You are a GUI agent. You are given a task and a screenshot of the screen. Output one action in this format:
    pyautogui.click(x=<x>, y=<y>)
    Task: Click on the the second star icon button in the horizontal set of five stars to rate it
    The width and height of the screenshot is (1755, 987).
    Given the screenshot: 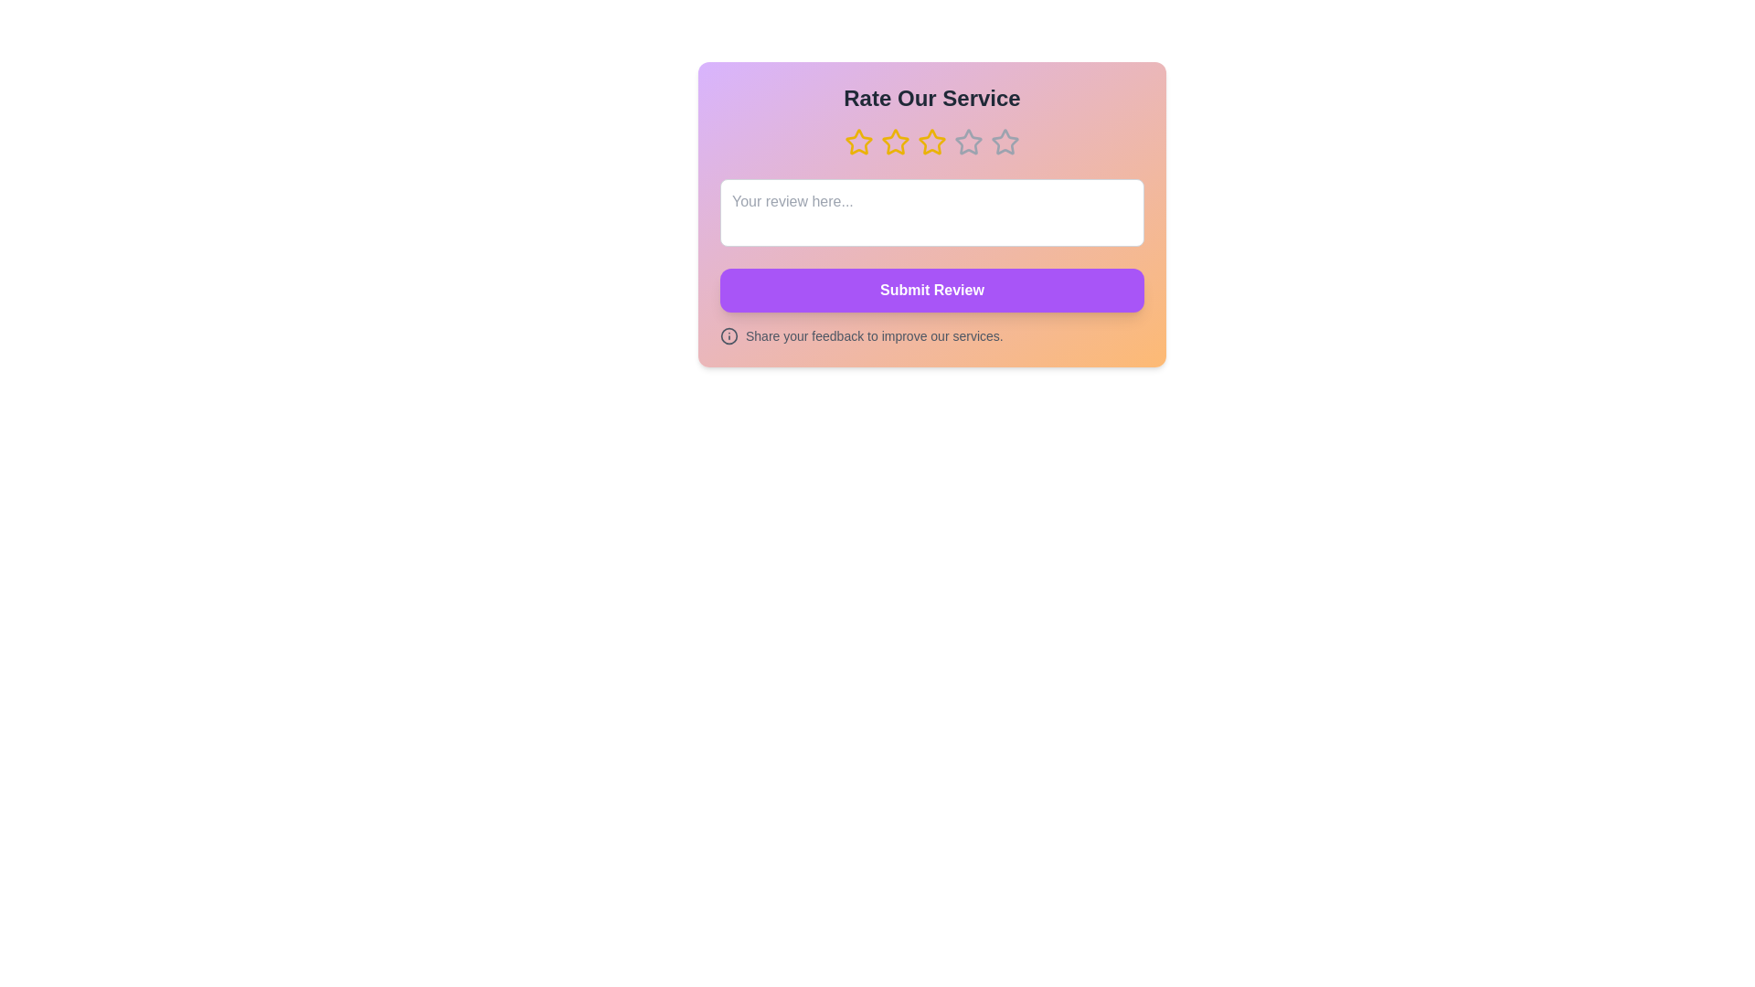 What is the action you would take?
    pyautogui.click(x=895, y=141)
    